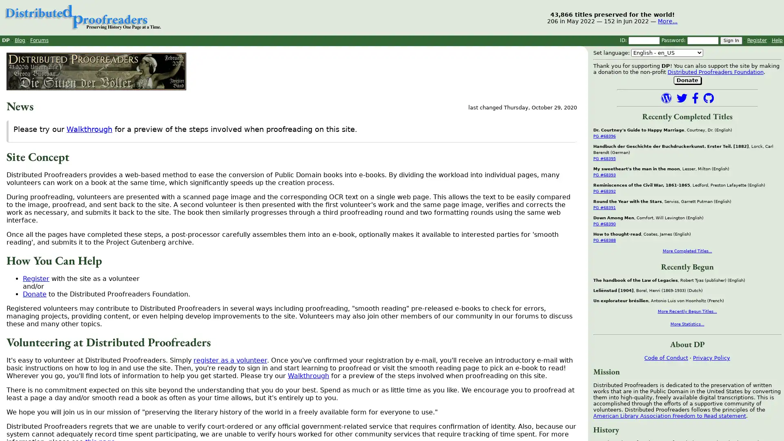 Image resolution: width=784 pixels, height=441 pixels. Describe the element at coordinates (731, 40) in the screenshot. I see `Sign In` at that location.